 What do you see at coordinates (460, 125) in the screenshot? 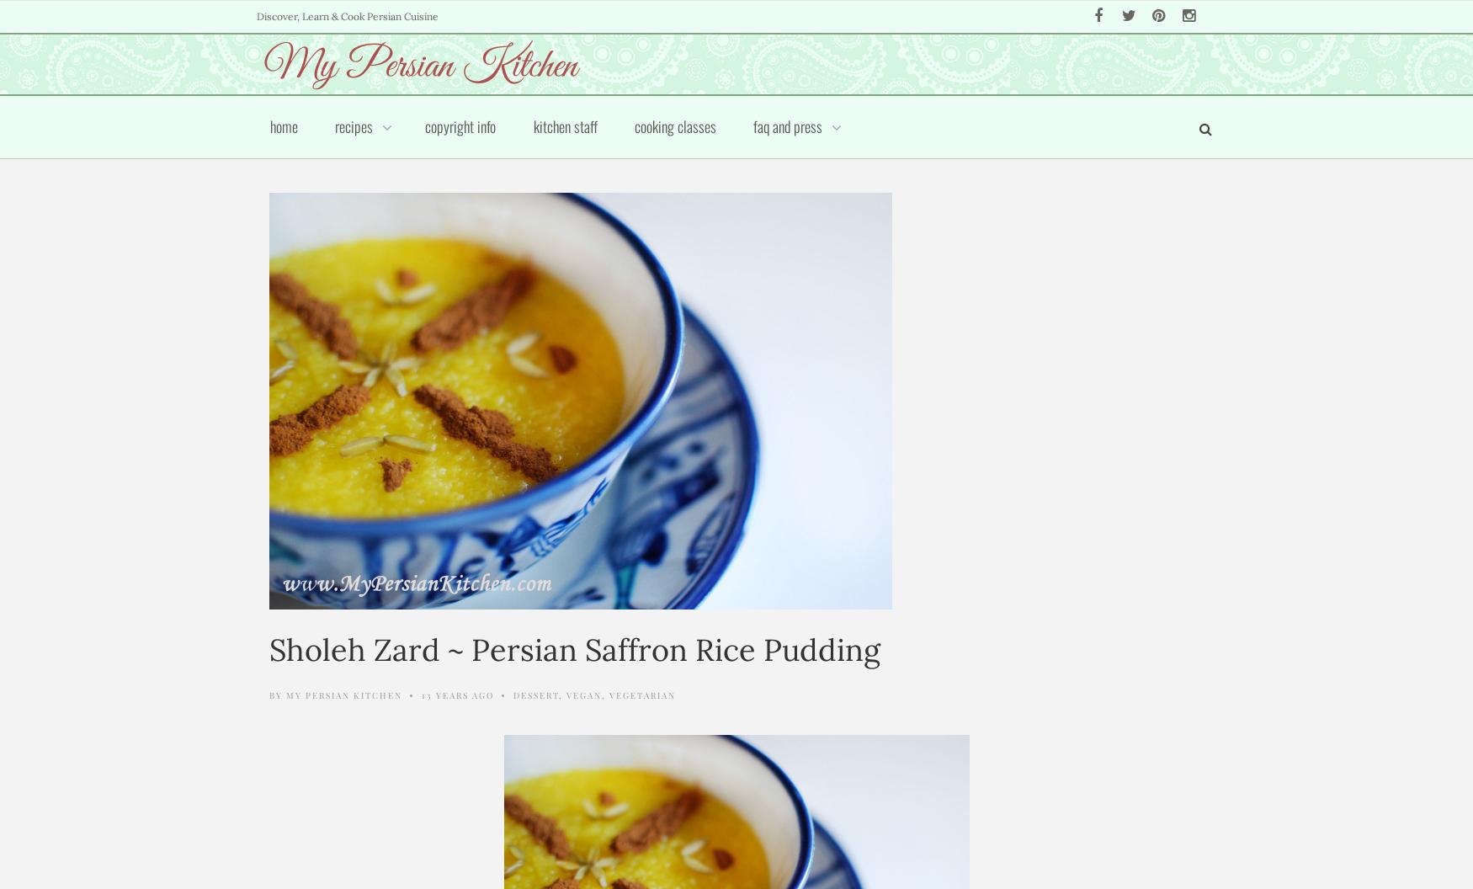
I see `'Copyright Info'` at bounding box center [460, 125].